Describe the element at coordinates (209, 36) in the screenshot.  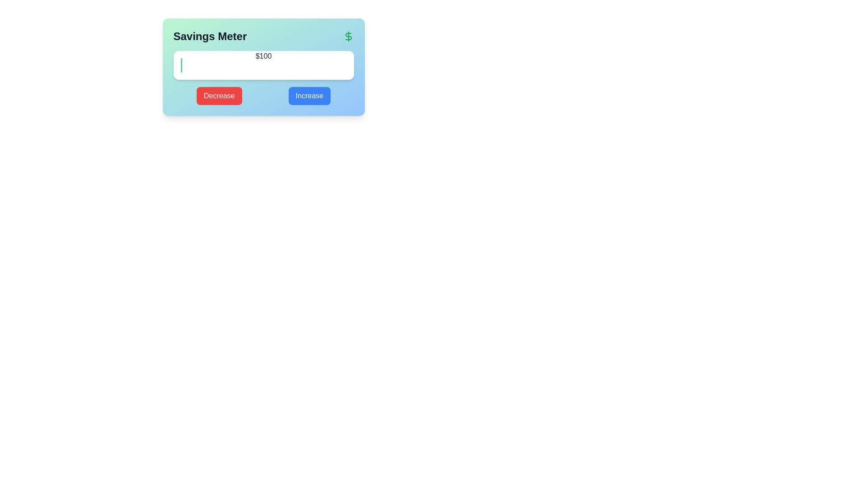
I see `the 'Savings Meter' text label, which is prominently styled with a bold and large font, located on the left side of the header section in a card-like interface` at that location.